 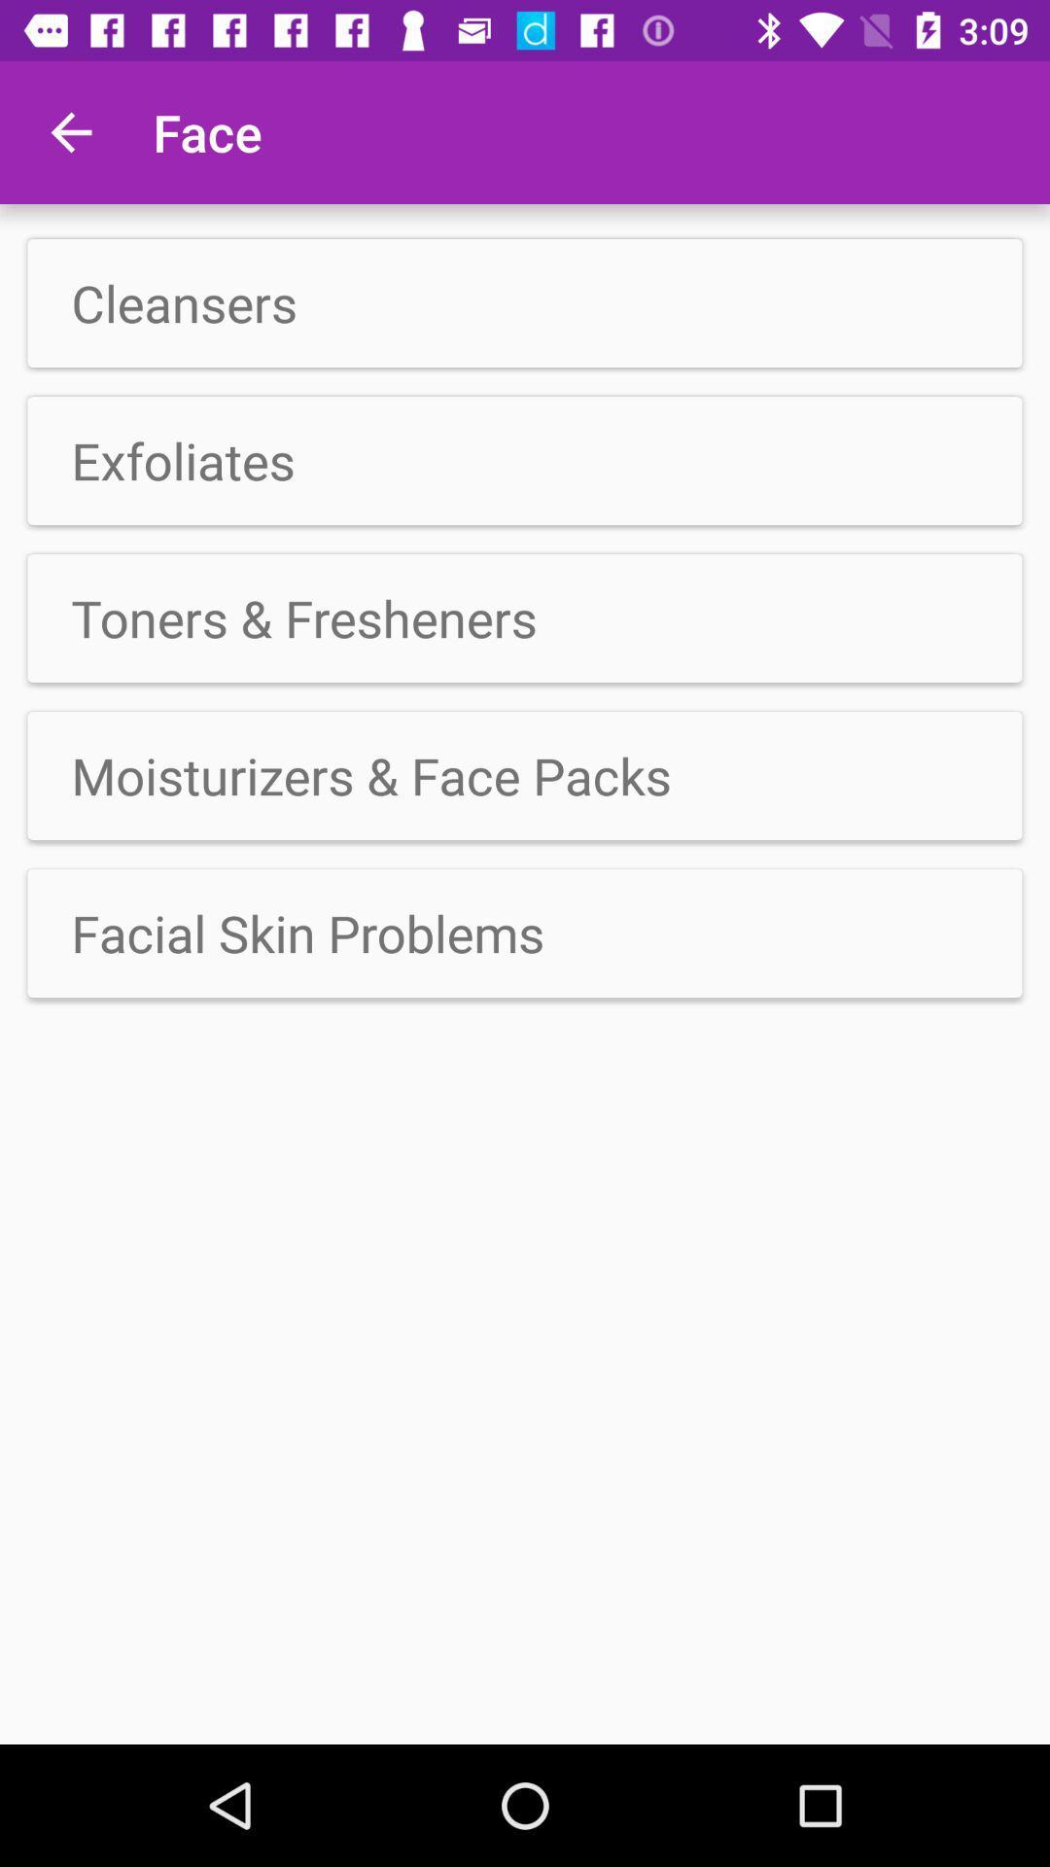 What do you see at coordinates (525, 933) in the screenshot?
I see `the facial skin problems icon` at bounding box center [525, 933].